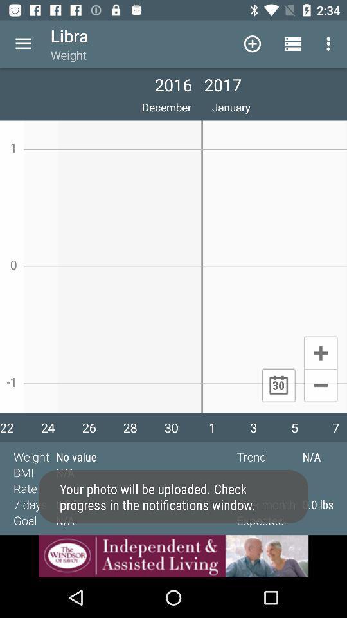 This screenshot has width=347, height=618. I want to click on the minus icon, so click(320, 386).